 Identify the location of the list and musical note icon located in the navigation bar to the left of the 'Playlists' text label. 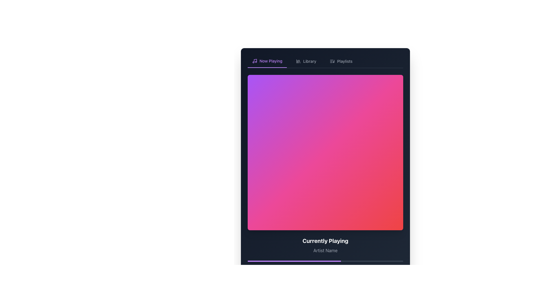
(332, 61).